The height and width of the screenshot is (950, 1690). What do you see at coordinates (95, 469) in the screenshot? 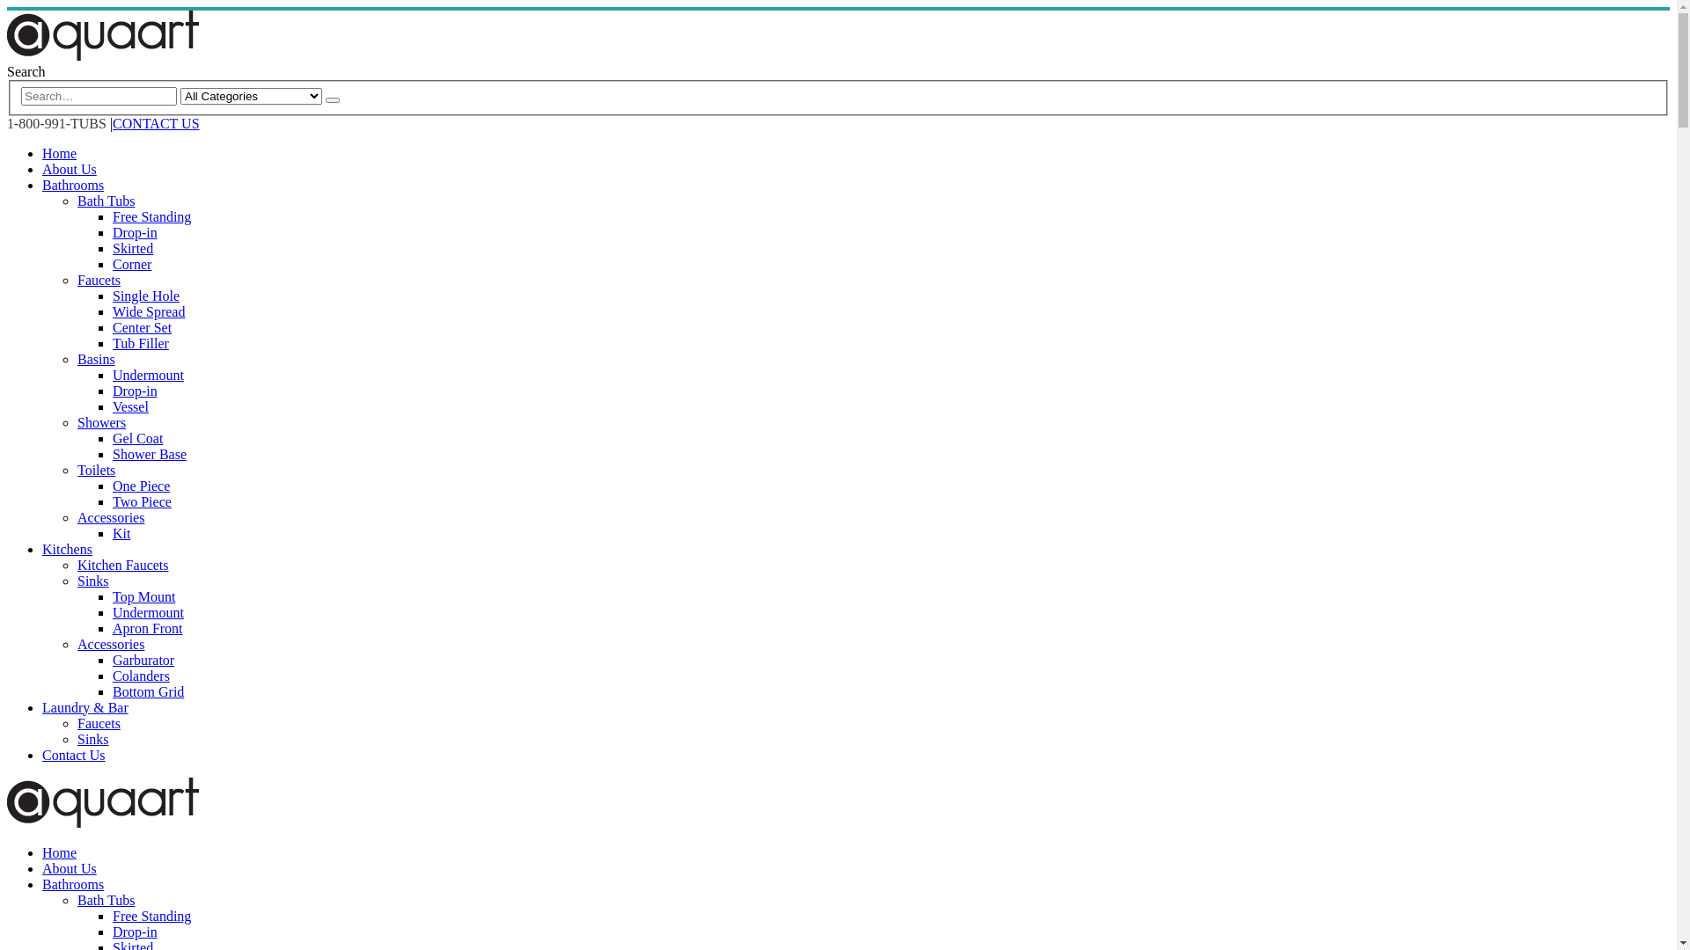
I see `'Toilets'` at bounding box center [95, 469].